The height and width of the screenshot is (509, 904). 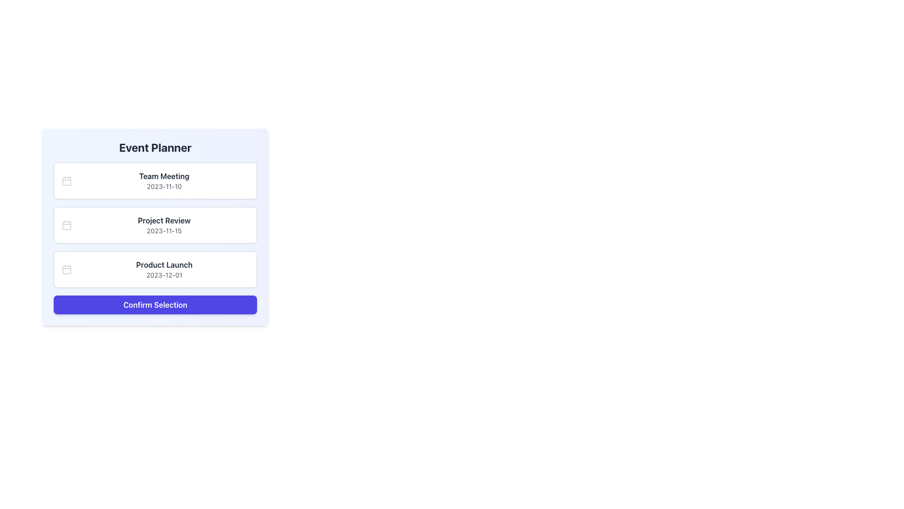 I want to click on date information from the Static Text element located below the 'Team Meeting' title in the first event card of the Event Planner, so click(x=164, y=187).